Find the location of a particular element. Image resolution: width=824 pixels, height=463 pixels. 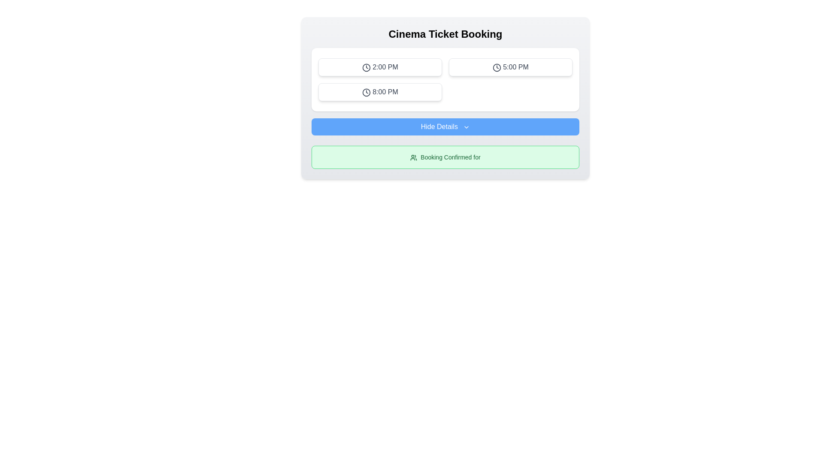

the selectable time option button for '2:00 PM' is located at coordinates (380, 67).